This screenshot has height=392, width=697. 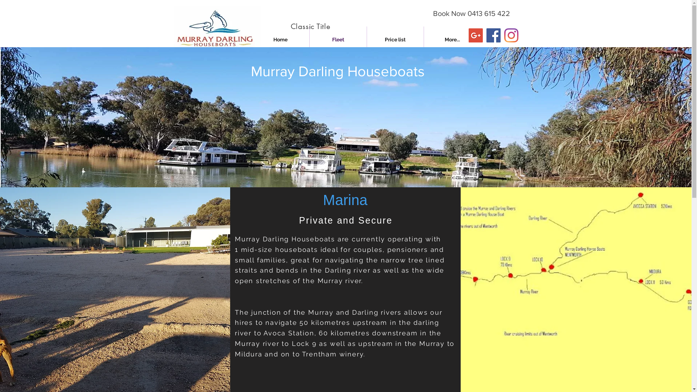 I want to click on 'Price list', so click(x=395, y=40).